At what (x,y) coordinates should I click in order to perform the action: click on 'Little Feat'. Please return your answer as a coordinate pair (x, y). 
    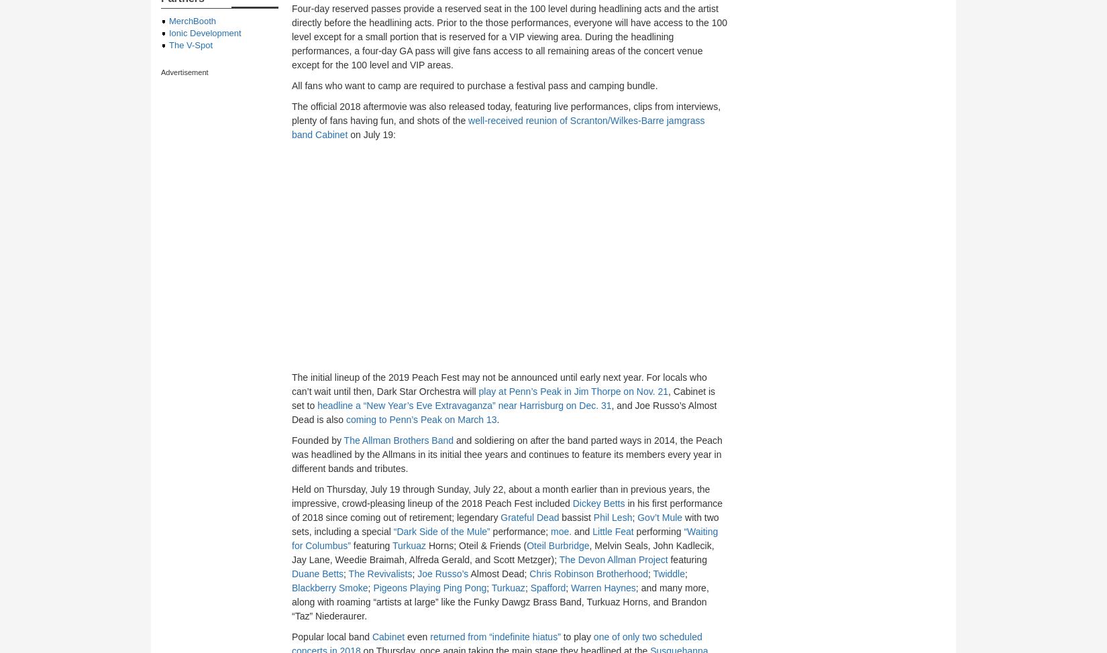
    Looking at the image, I should click on (613, 531).